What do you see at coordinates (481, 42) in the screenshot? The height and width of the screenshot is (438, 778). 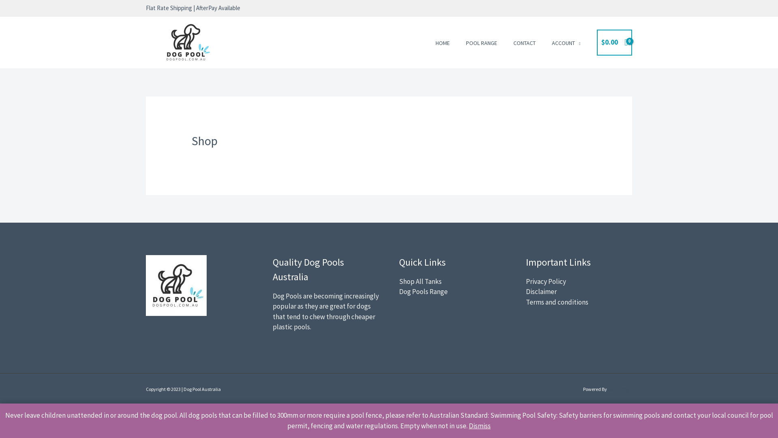 I see `'POOL RANGE'` at bounding box center [481, 42].